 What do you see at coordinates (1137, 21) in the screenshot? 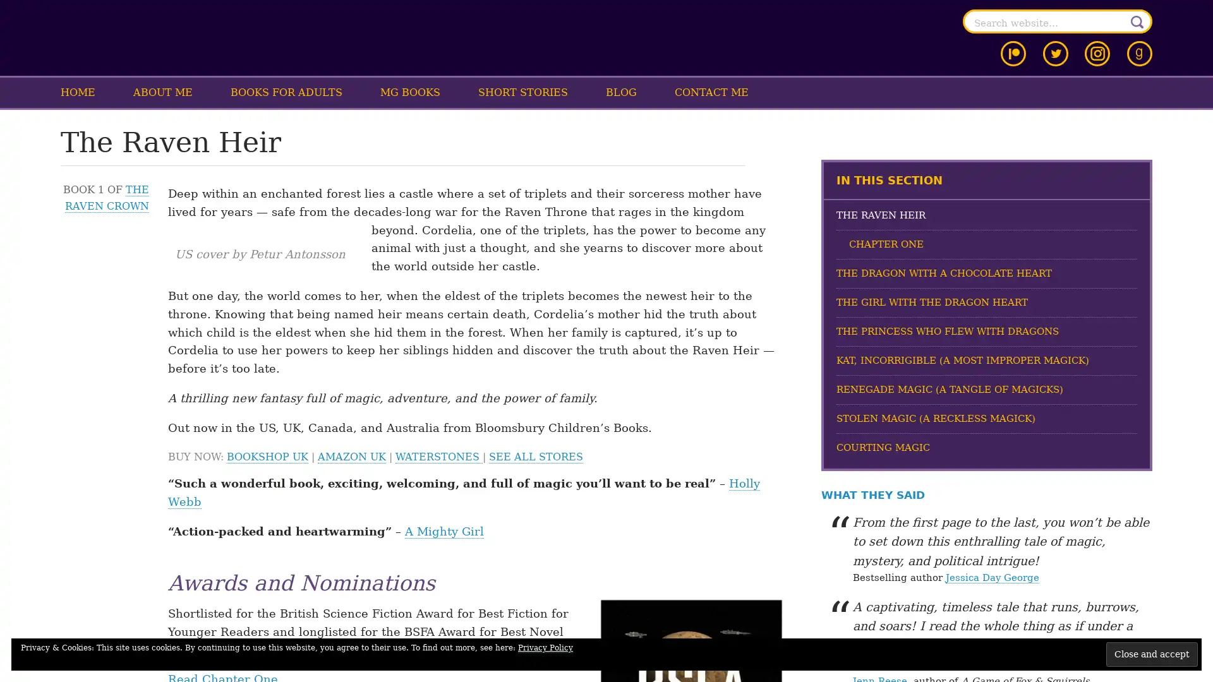
I see `Search` at bounding box center [1137, 21].